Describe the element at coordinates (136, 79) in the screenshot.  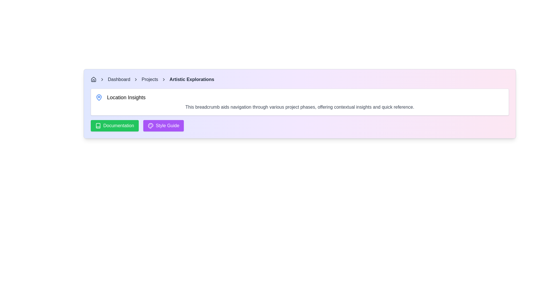
I see `the right-facing chevron icon located in the breadcrumb navigation bar, positioned between the 'Dashboard' link and the 'Projects' link` at that location.